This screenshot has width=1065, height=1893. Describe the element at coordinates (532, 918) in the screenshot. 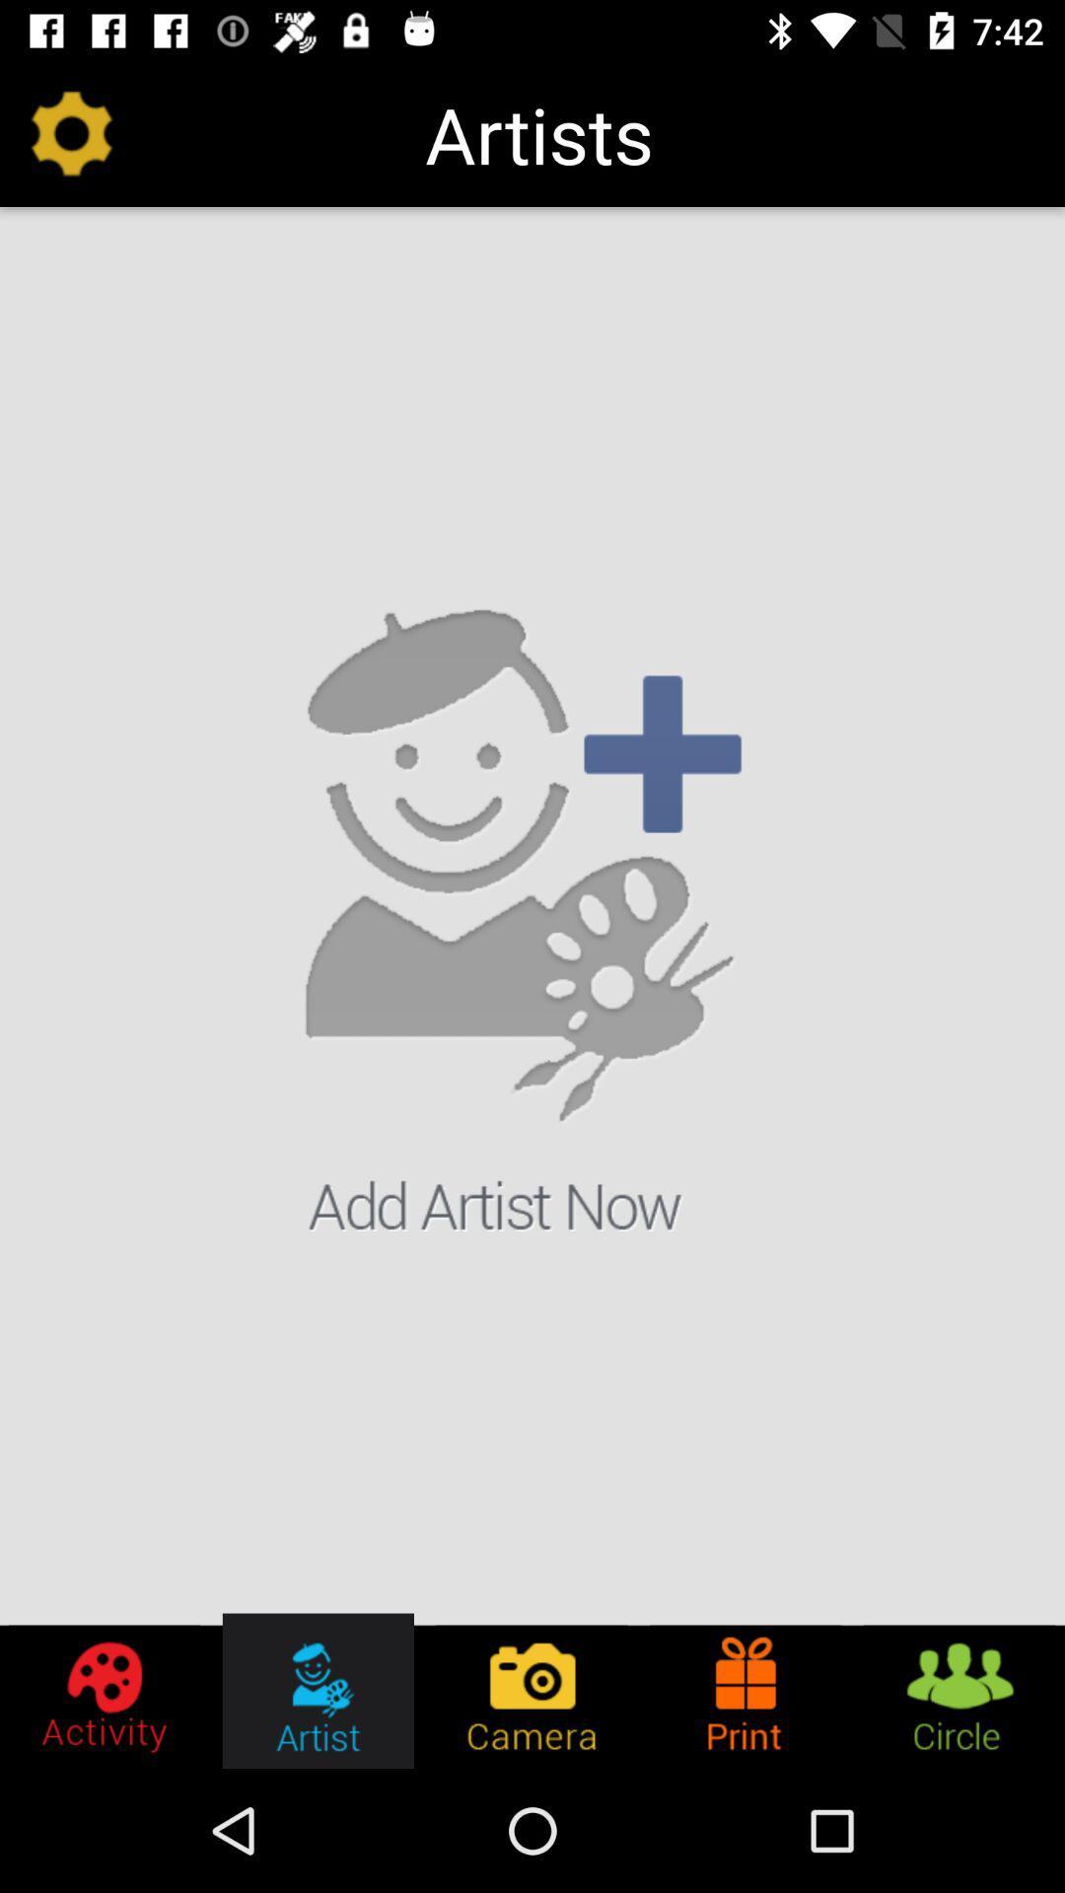

I see `icon at the center` at that location.